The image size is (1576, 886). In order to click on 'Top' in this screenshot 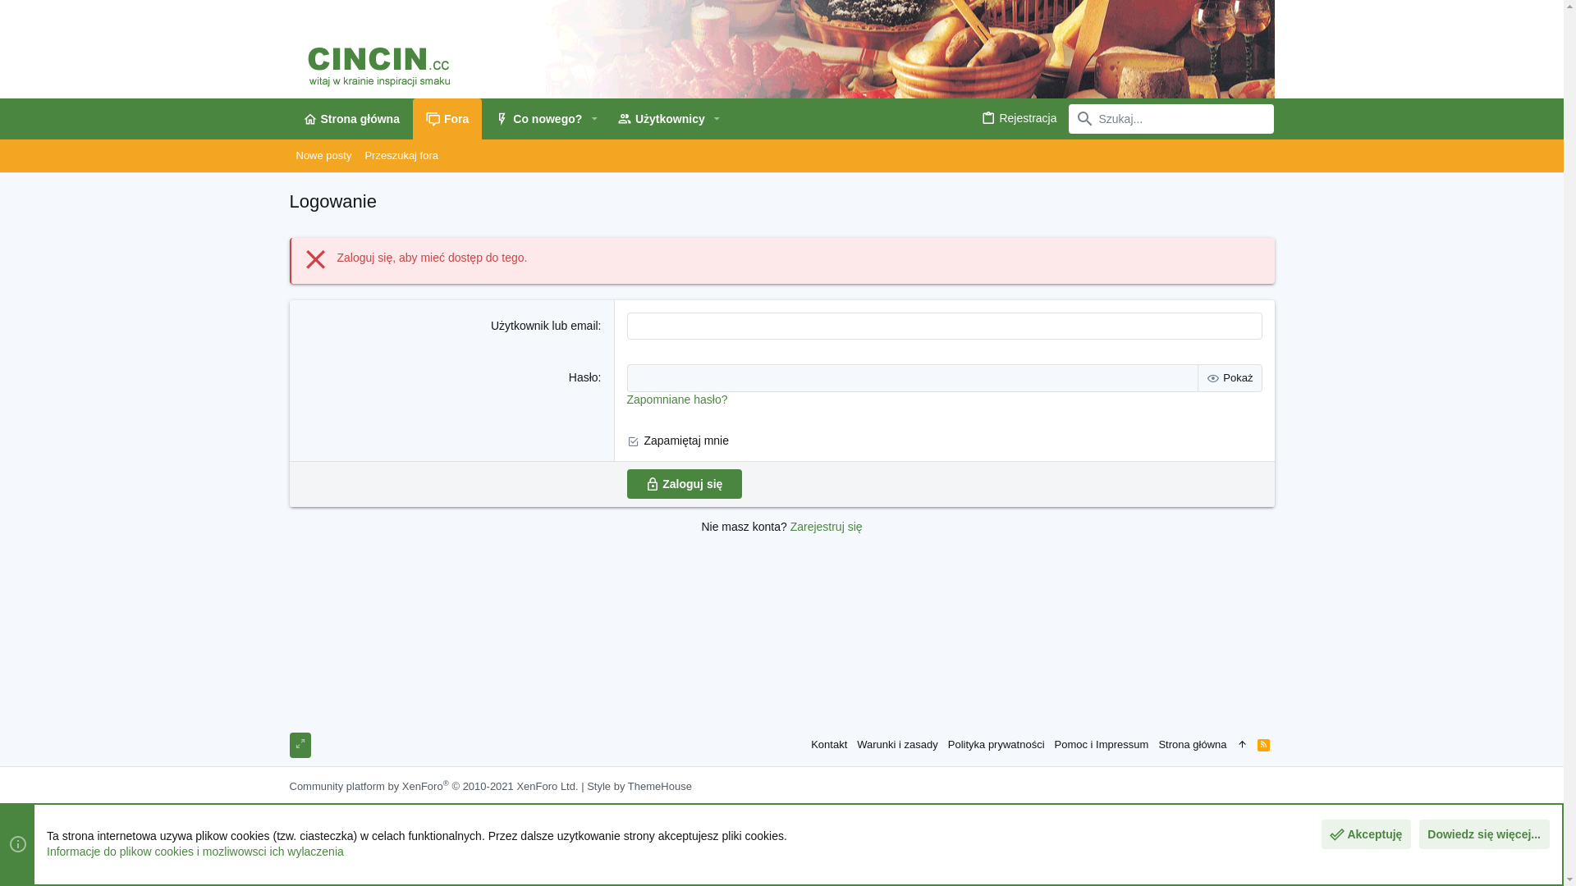, I will do `click(1242, 744)`.